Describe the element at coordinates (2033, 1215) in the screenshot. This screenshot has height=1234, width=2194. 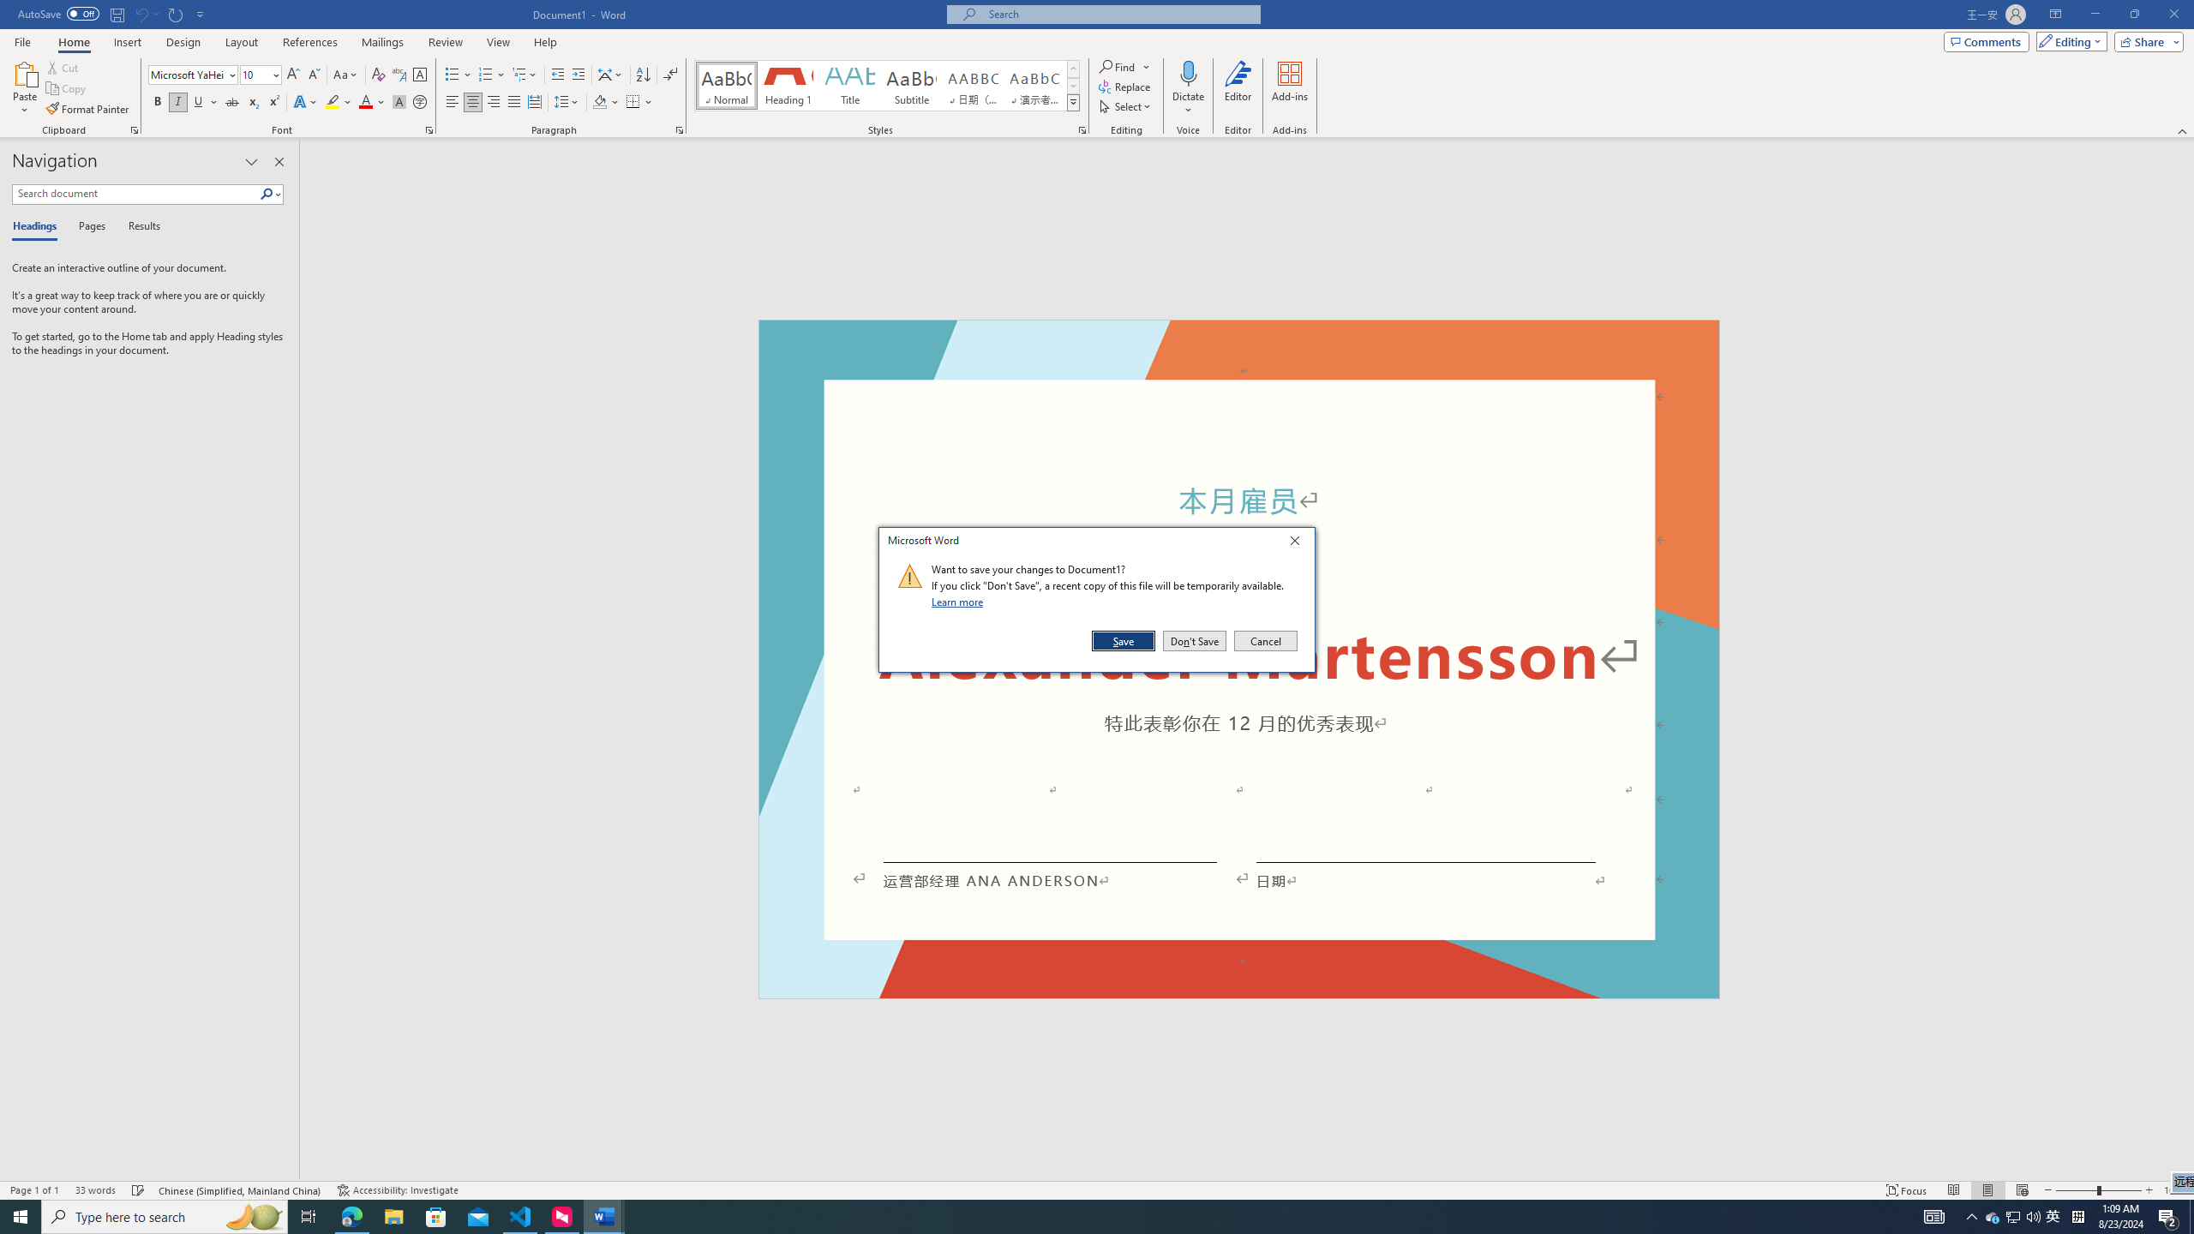
I see `'Q2790: 100%'` at that location.